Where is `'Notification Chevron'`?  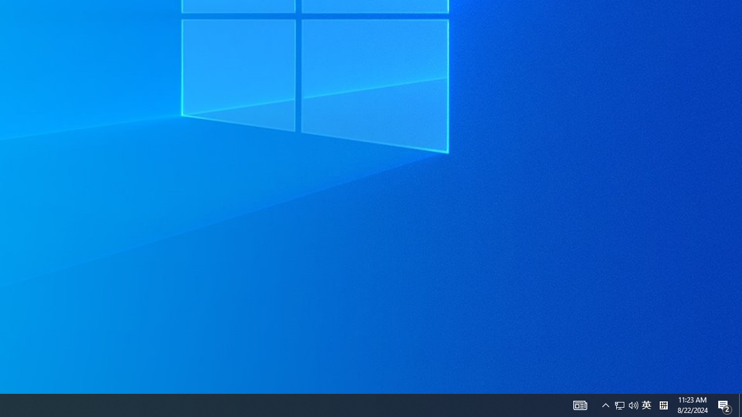
'Notification Chevron' is located at coordinates (605, 404).